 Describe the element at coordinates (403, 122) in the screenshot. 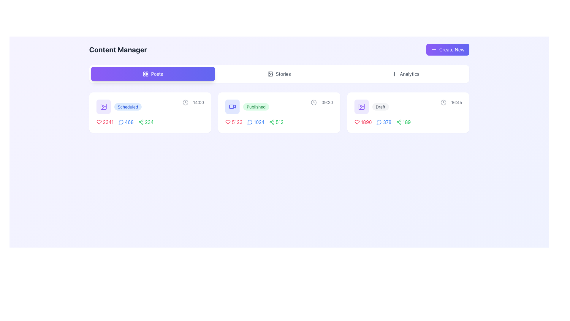

I see `the share count by clicking on the share icon located in the third content card, which is the last interaction indicator after the comment and like indicators` at that location.